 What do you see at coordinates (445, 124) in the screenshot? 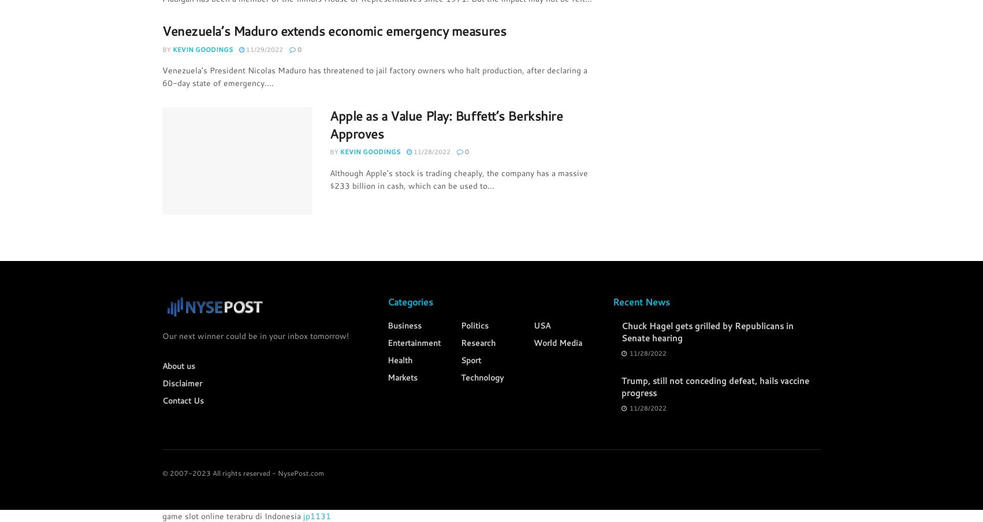
I see `'Apple as a Value Play: Buffett’s Berkshire Approves'` at bounding box center [445, 124].